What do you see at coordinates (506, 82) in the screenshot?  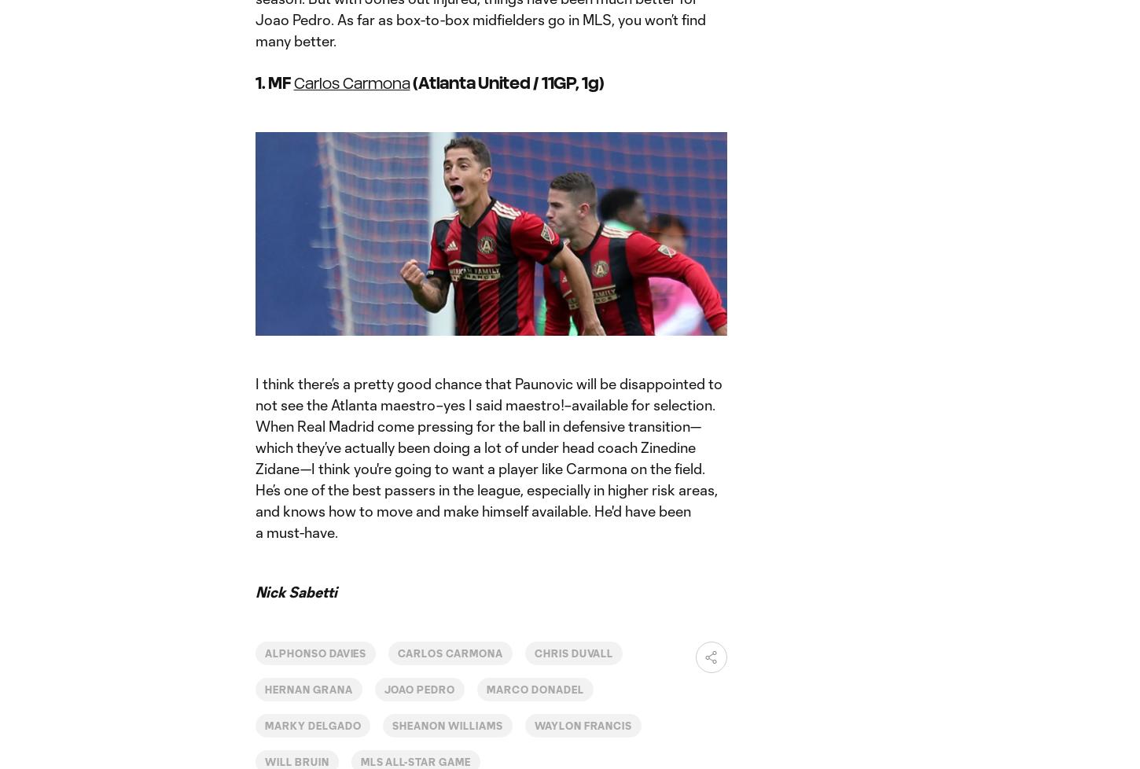 I see `'(Atlanta United / 11GP, 1g)'` at bounding box center [506, 82].